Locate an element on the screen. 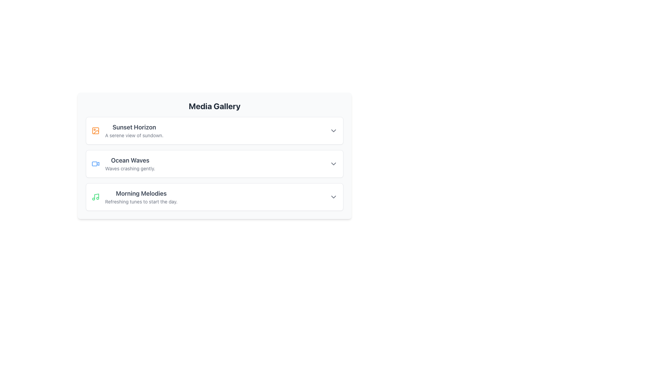 This screenshot has height=365, width=649. the 'Sunset Horizon' element, which consists of an image icon and two stacked text parts (title and subtitle) in the 'Media Gallery' section is located at coordinates (127, 130).